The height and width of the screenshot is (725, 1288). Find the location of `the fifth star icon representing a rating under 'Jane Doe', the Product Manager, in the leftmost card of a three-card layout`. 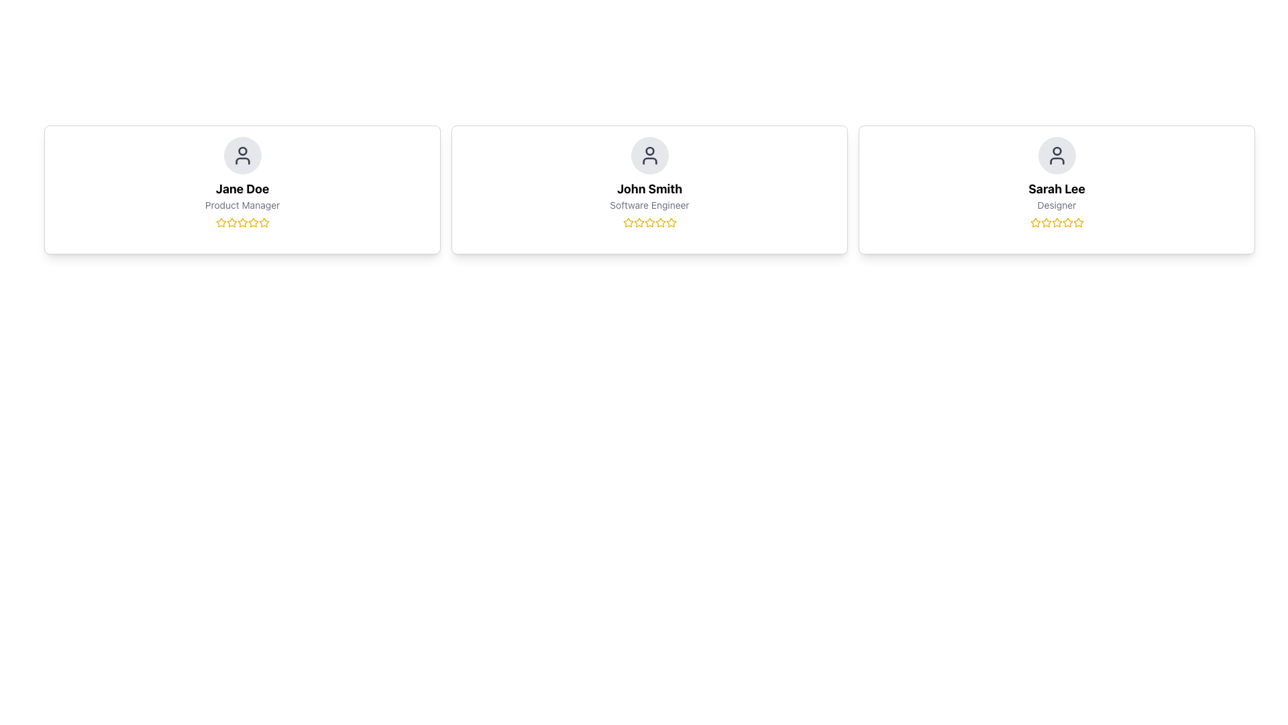

the fifth star icon representing a rating under 'Jane Doe', the Product Manager, in the leftmost card of a three-card layout is located at coordinates (264, 222).